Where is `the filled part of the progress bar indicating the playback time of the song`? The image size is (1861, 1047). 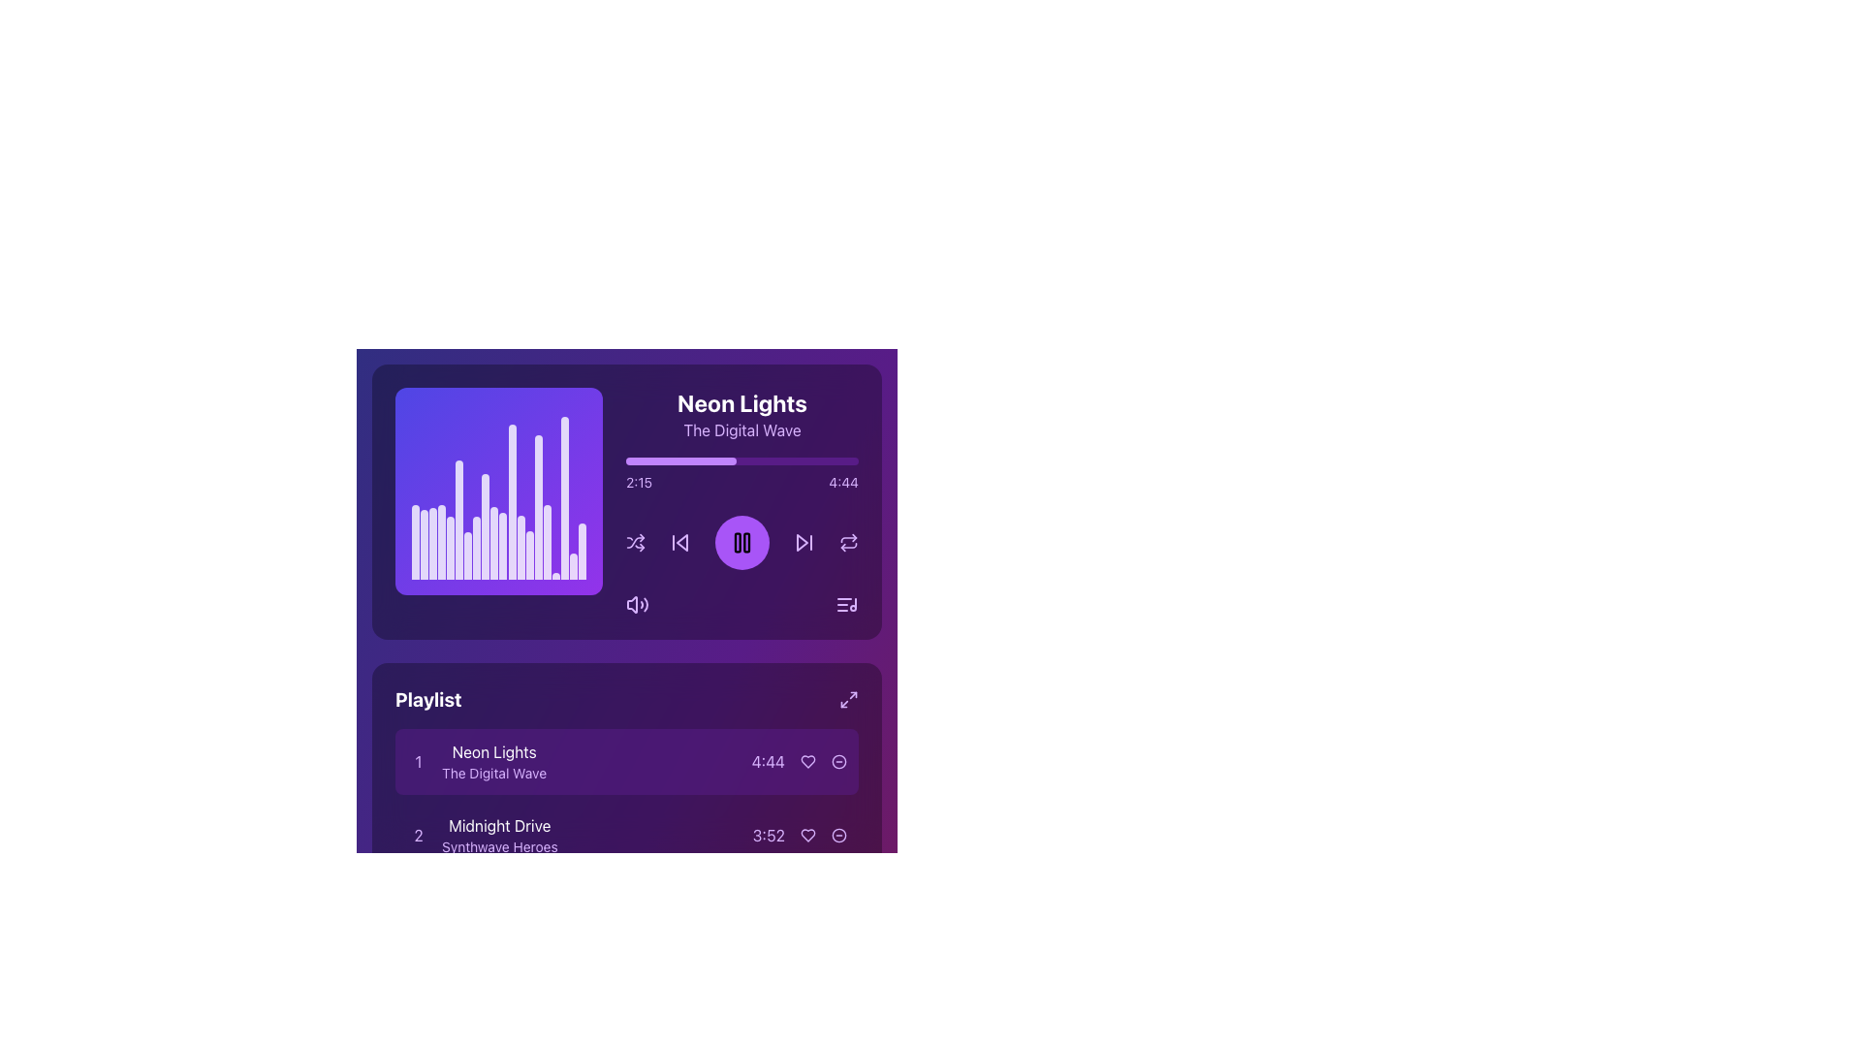
the filled part of the progress bar indicating the playback time of the song is located at coordinates (681, 460).